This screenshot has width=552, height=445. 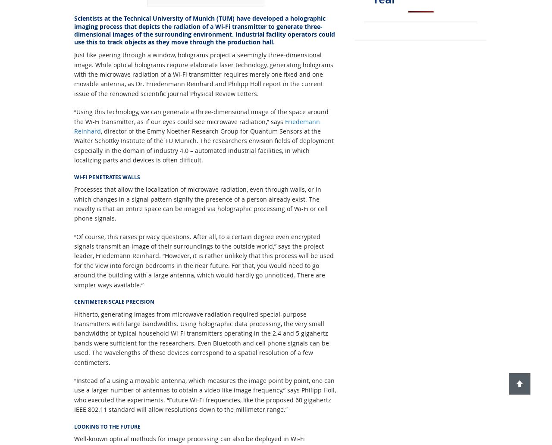 I want to click on 'LOOKING TO THE FUTURE', so click(x=107, y=426).